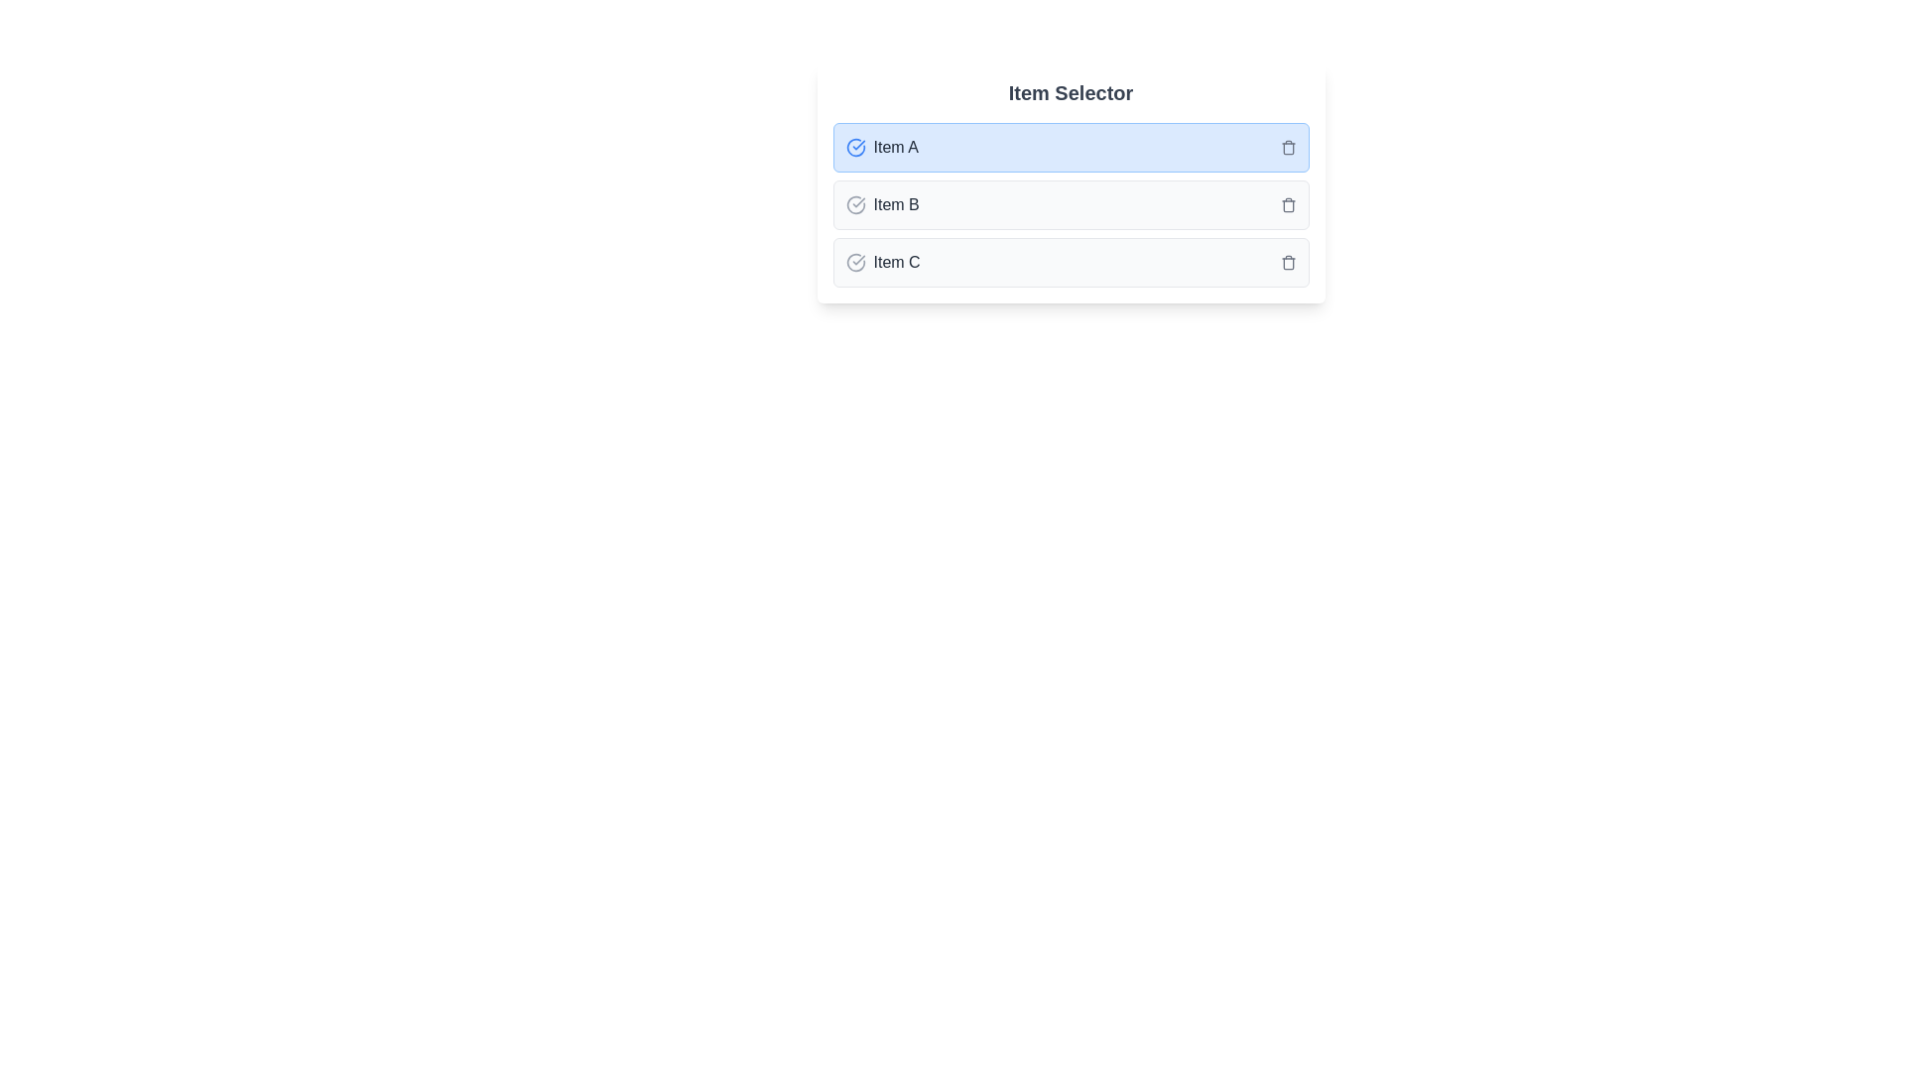  I want to click on the text label reading 'Item C' which is styled with a medium-weight gray font and includes a gray checkmark icon next to it, so click(882, 262).